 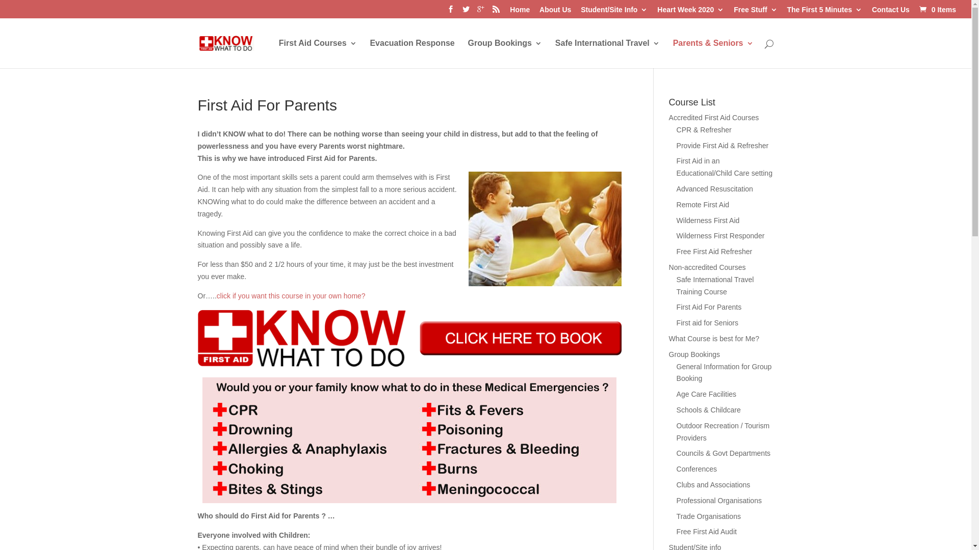 What do you see at coordinates (890, 12) in the screenshot?
I see `'Contact Us'` at bounding box center [890, 12].